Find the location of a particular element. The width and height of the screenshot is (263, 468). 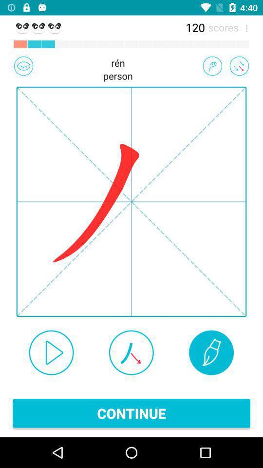

next is located at coordinates (51, 352).